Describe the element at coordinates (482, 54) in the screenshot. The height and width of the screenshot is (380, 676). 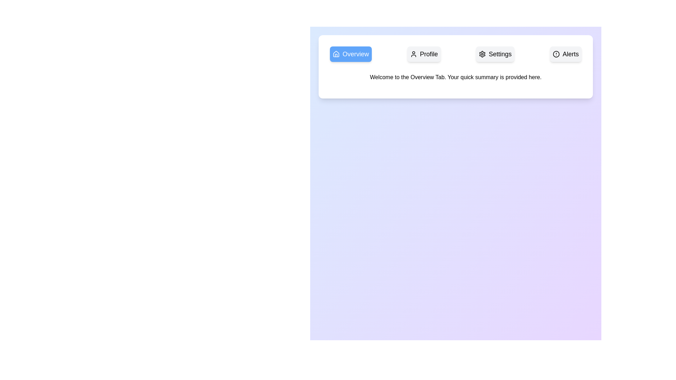
I see `the settings icon located to the left of the 'Settings' text label in the top navigation panel` at that location.